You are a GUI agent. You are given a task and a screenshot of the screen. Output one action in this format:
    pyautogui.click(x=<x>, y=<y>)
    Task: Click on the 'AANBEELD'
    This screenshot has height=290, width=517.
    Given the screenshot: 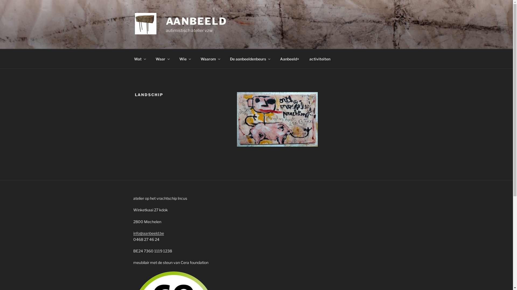 What is the action you would take?
    pyautogui.click(x=196, y=21)
    